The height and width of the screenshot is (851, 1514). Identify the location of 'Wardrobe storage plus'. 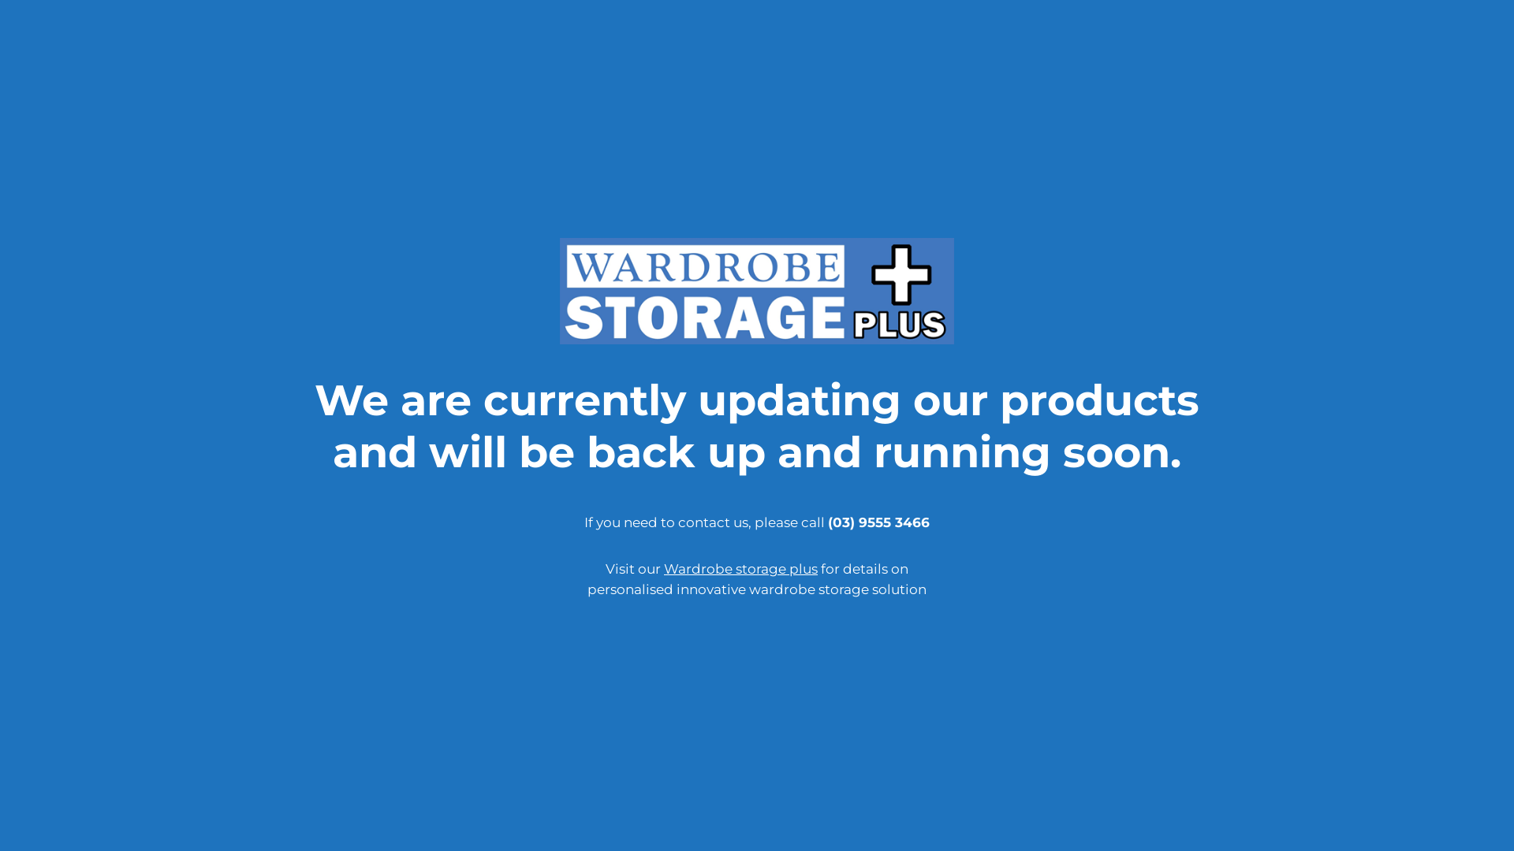
(740, 568).